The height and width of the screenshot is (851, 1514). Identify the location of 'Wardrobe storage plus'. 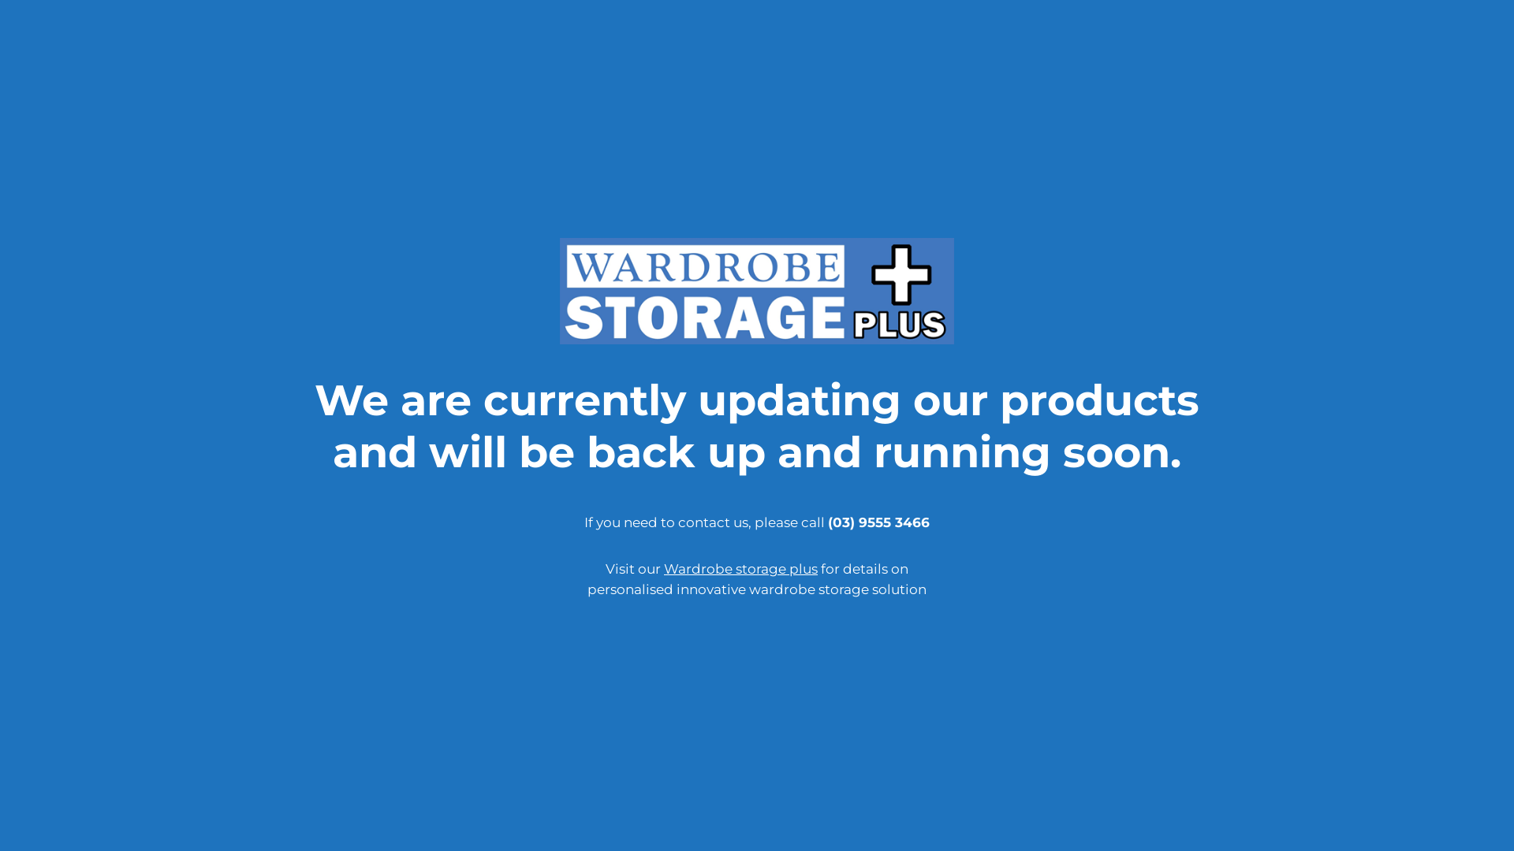
(740, 568).